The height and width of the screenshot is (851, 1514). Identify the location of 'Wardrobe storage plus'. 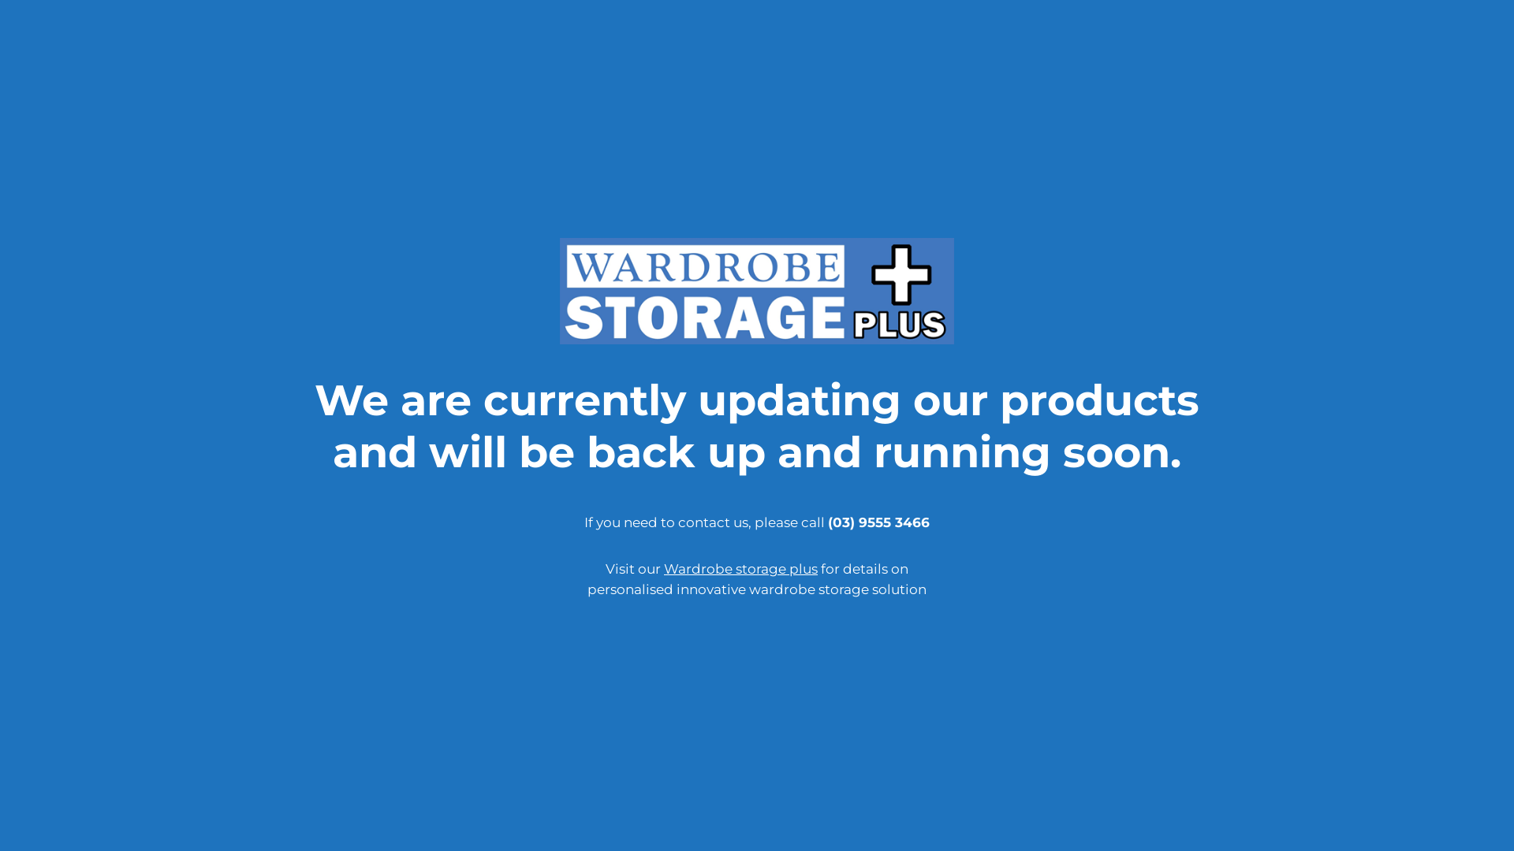
(740, 568).